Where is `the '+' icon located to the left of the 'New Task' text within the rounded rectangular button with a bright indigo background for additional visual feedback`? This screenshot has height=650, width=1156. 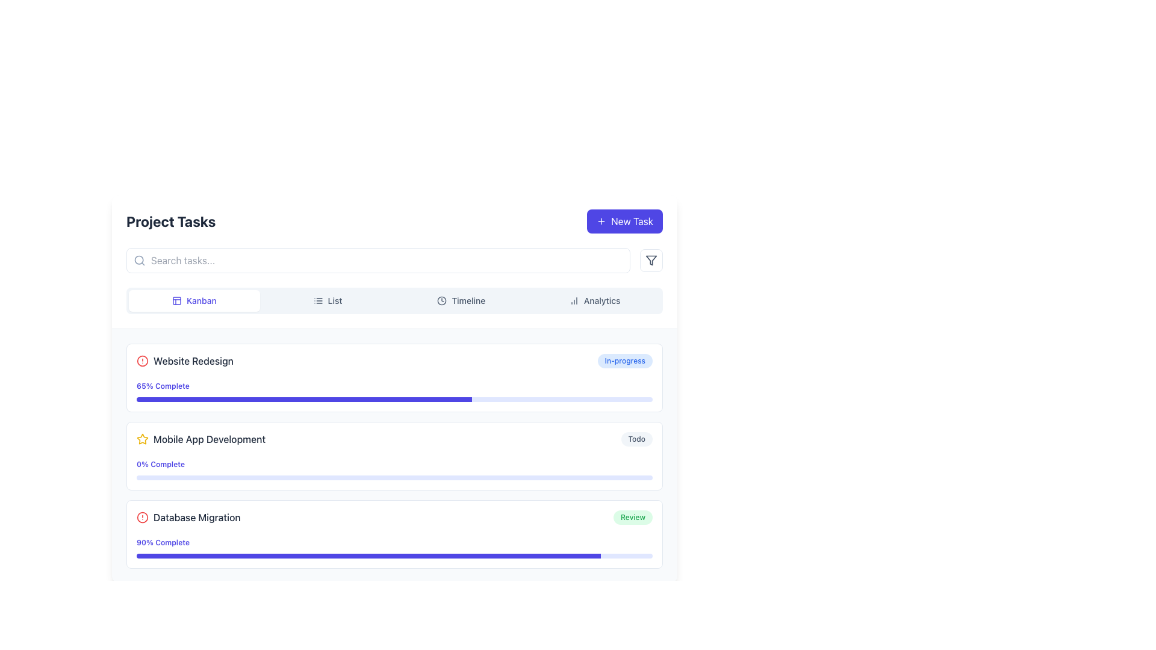
the '+' icon located to the left of the 'New Task' text within the rounded rectangular button with a bright indigo background for additional visual feedback is located at coordinates (601, 221).